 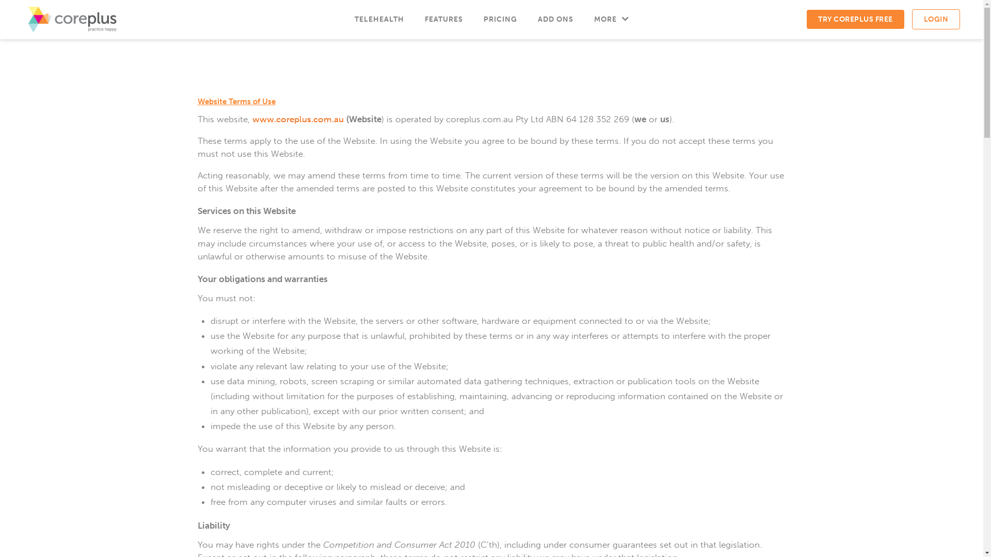 I want to click on 'FEATURES', so click(x=443, y=19).